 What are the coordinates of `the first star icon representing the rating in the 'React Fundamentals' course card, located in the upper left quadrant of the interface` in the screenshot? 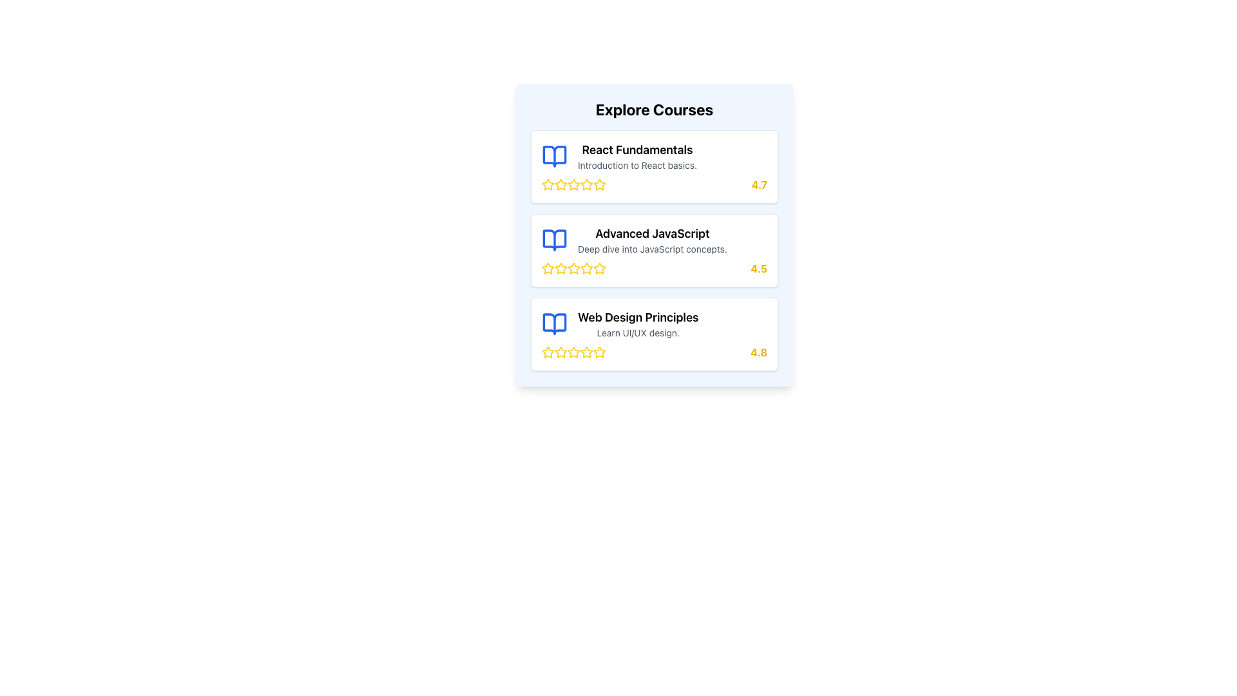 It's located at (573, 184).